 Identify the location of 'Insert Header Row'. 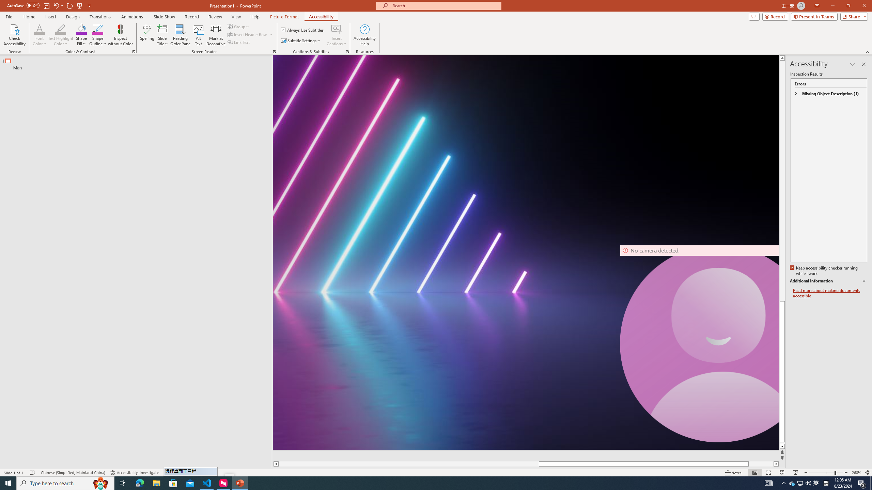
(250, 34).